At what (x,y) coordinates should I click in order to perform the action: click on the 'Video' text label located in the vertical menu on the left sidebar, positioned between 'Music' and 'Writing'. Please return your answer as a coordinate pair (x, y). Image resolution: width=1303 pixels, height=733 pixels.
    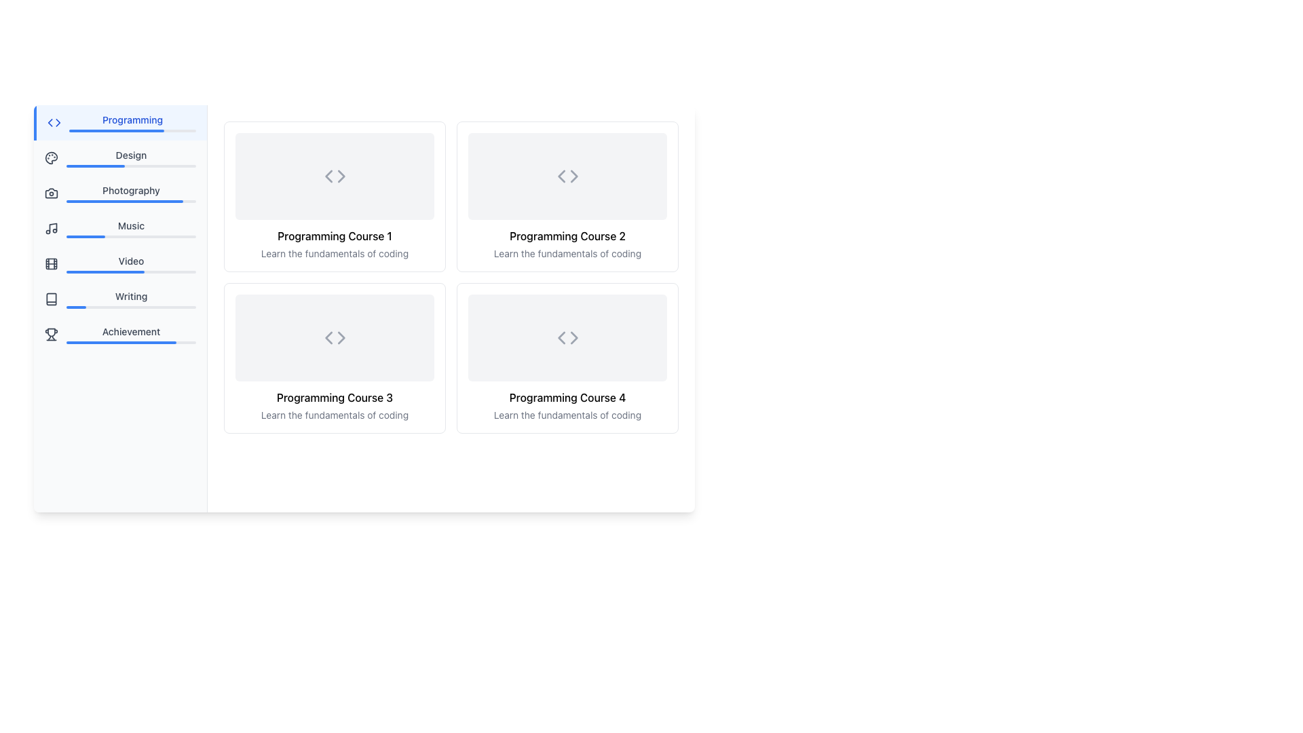
    Looking at the image, I should click on (131, 261).